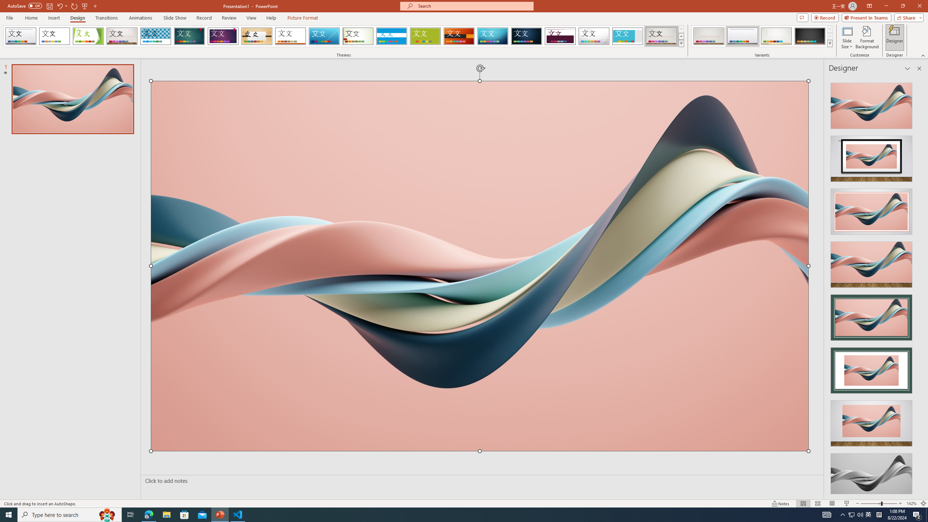  What do you see at coordinates (257, 36) in the screenshot?
I see `'Organic'` at bounding box center [257, 36].